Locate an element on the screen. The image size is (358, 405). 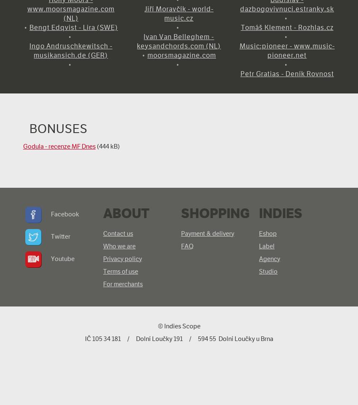
'Facebook' is located at coordinates (65, 213).